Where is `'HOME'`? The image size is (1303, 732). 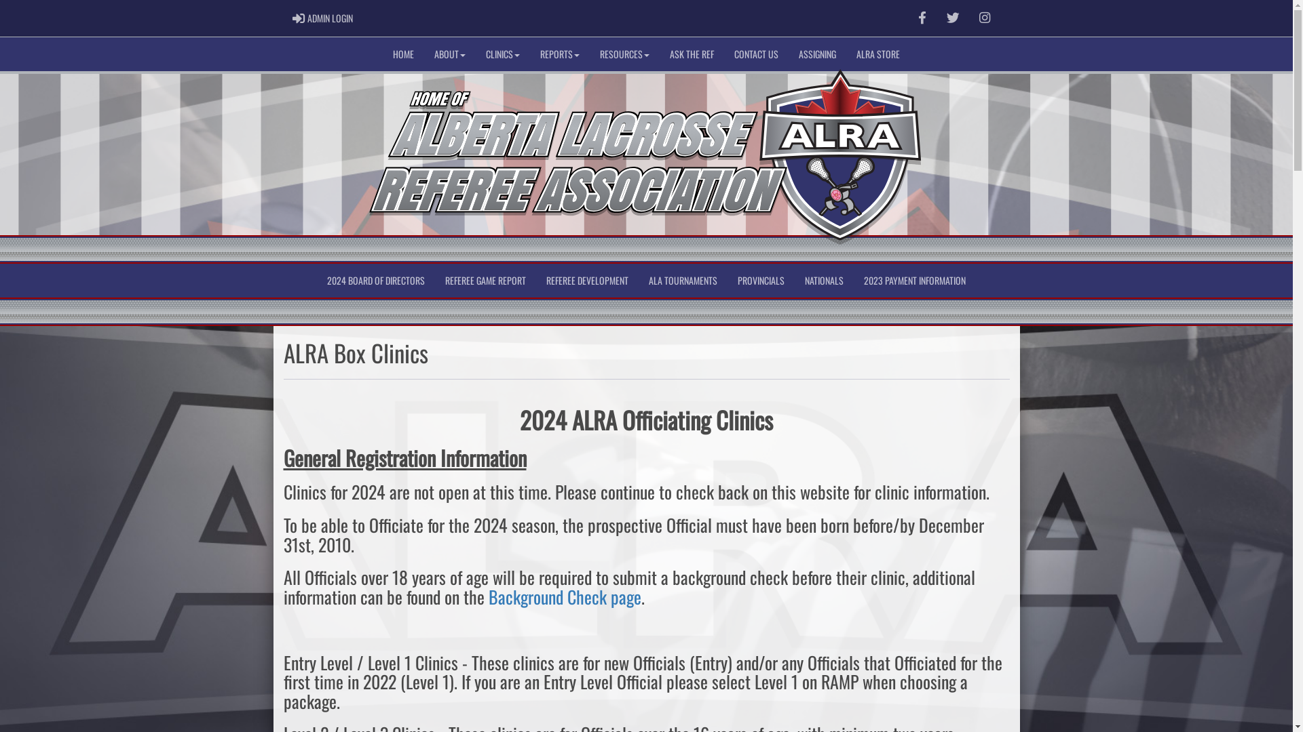
'HOME' is located at coordinates (402, 54).